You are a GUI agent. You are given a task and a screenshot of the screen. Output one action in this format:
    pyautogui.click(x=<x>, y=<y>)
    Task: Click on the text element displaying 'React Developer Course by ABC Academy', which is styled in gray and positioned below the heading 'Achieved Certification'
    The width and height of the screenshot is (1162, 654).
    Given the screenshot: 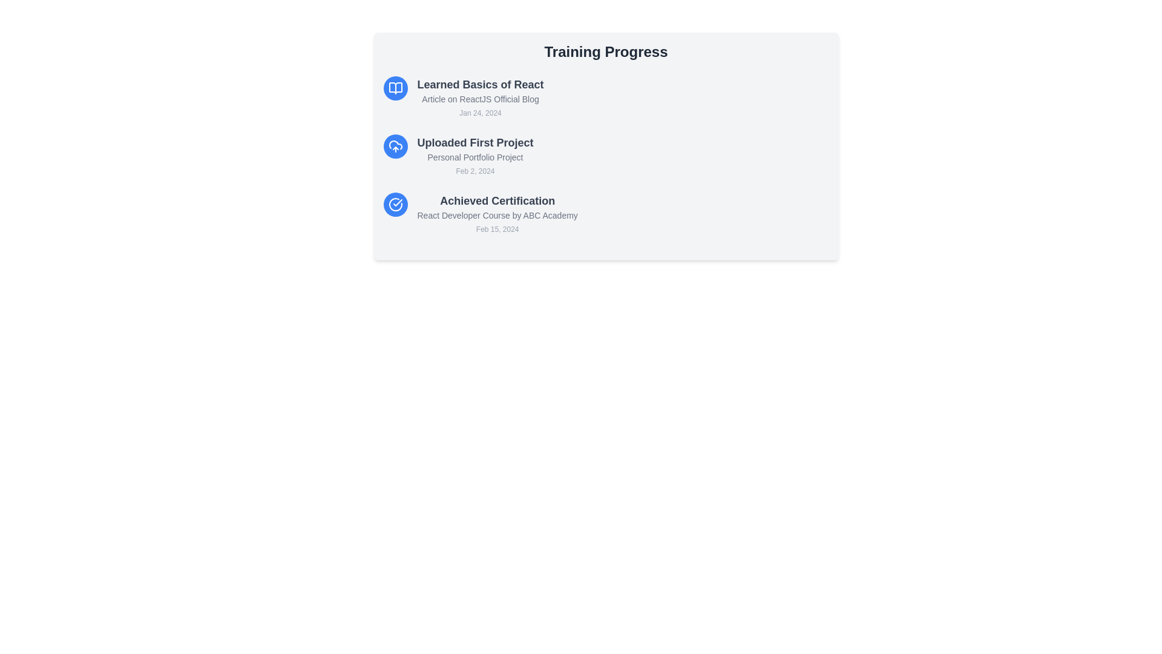 What is the action you would take?
    pyautogui.click(x=497, y=214)
    